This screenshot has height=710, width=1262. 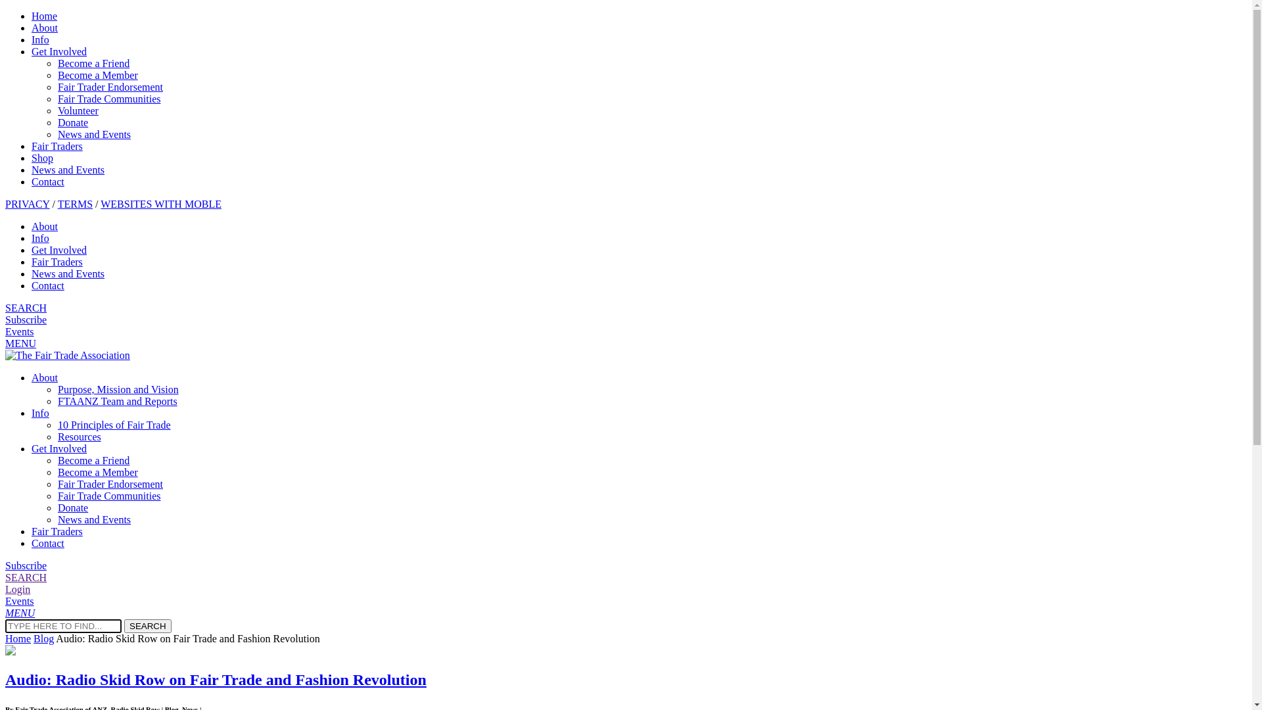 What do you see at coordinates (40, 412) in the screenshot?
I see `'Info'` at bounding box center [40, 412].